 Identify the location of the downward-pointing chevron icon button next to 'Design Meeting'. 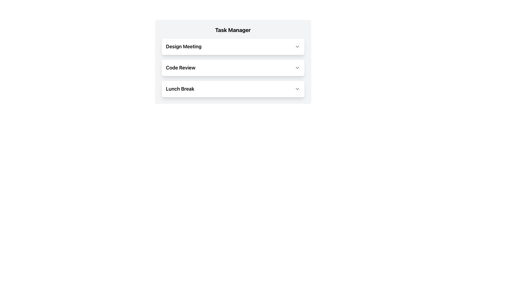
(297, 46).